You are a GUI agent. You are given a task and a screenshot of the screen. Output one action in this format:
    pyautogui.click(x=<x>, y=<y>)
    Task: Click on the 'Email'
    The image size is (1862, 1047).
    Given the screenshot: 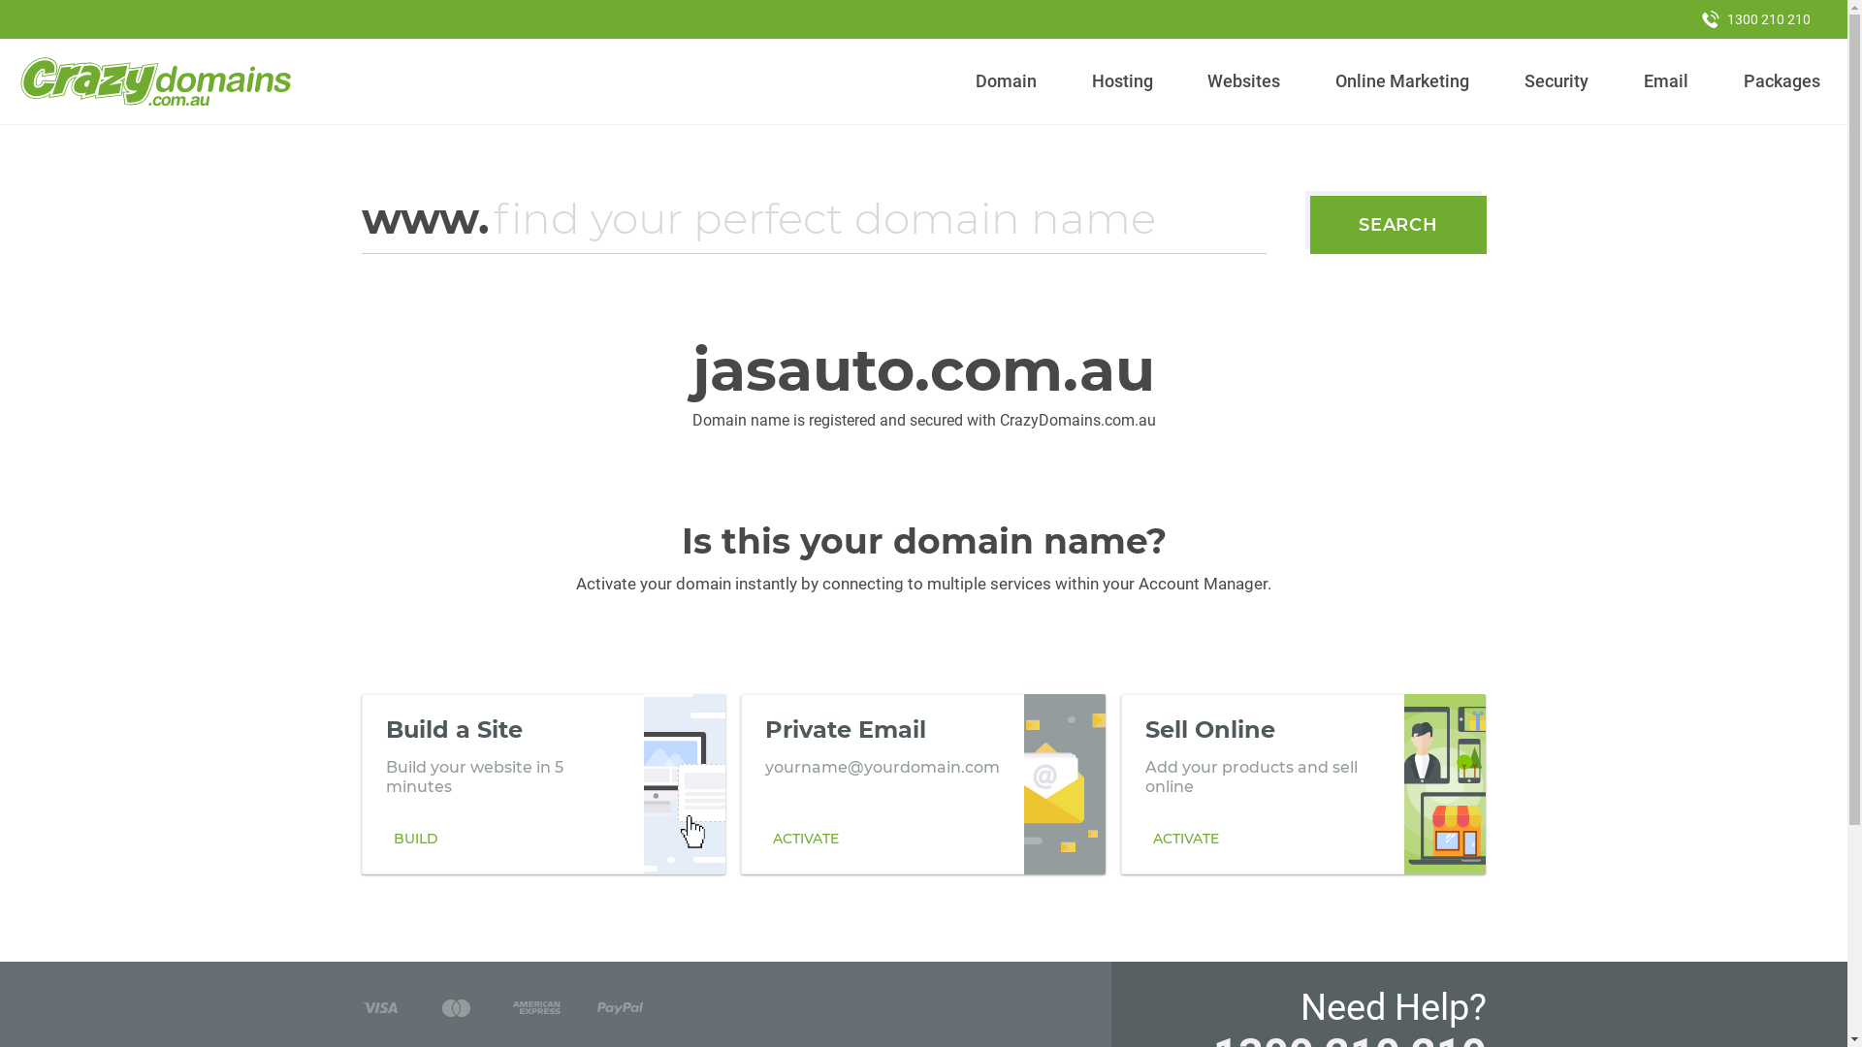 What is the action you would take?
    pyautogui.click(x=1664, y=80)
    